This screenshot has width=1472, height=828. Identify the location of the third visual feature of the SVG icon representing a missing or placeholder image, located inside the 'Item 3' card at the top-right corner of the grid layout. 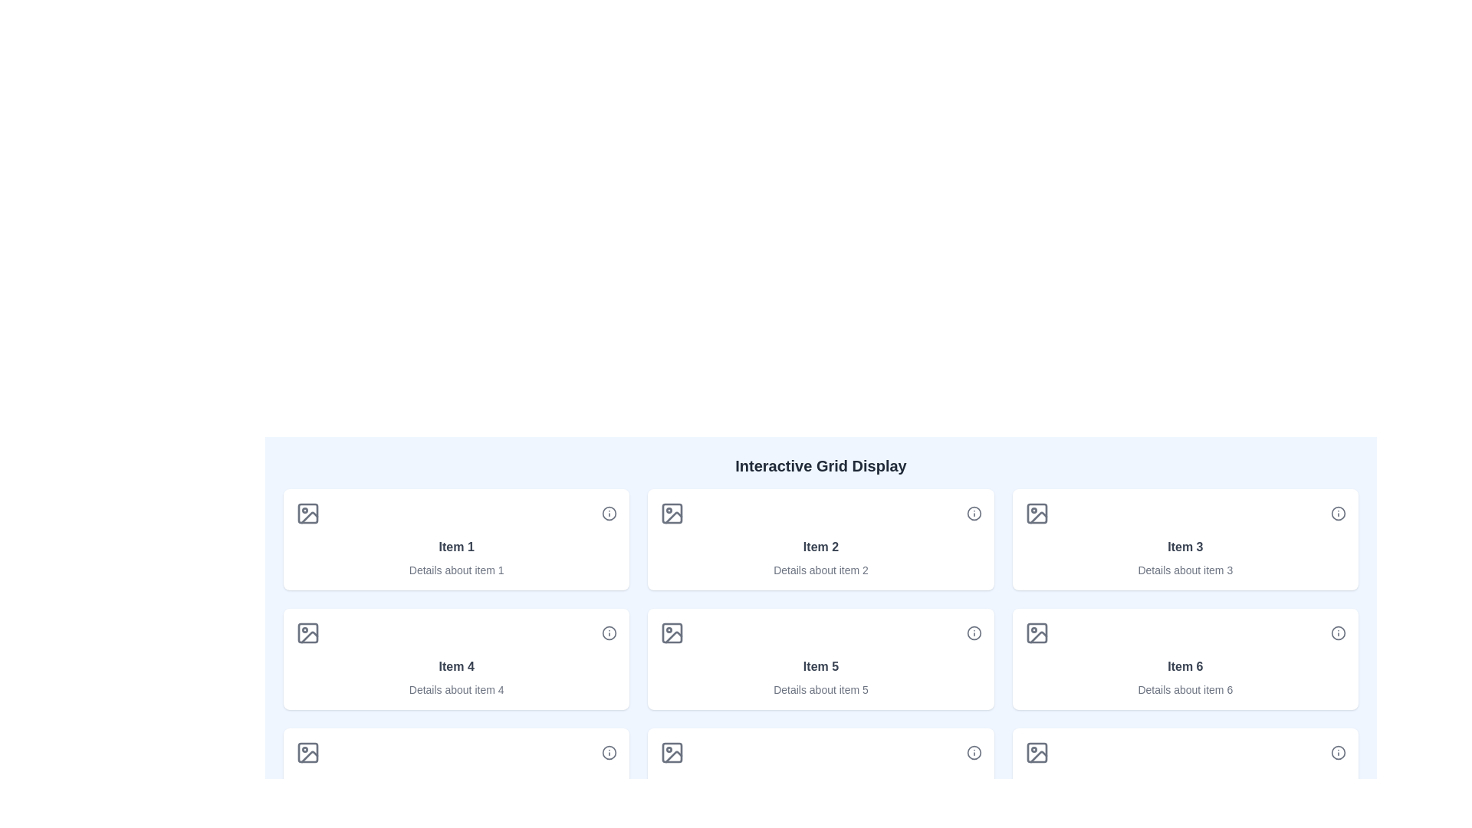
(1038, 517).